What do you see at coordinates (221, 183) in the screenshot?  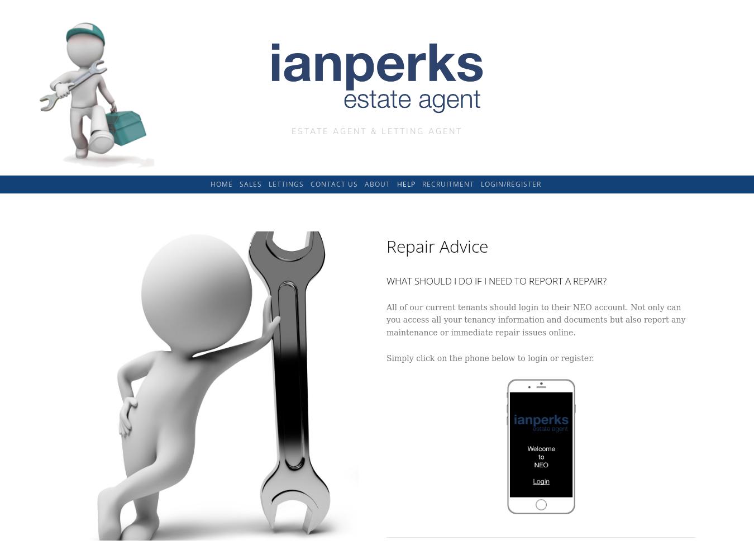 I see `'Home'` at bounding box center [221, 183].